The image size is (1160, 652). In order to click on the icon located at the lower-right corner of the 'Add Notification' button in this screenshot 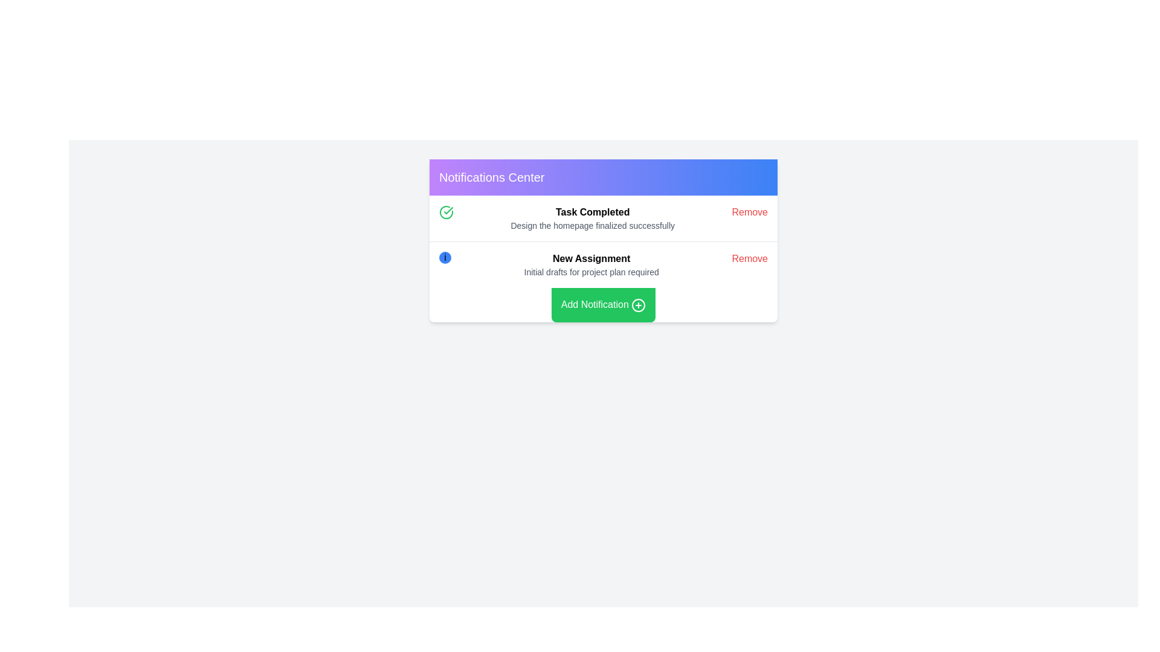, I will do `click(638, 304)`.